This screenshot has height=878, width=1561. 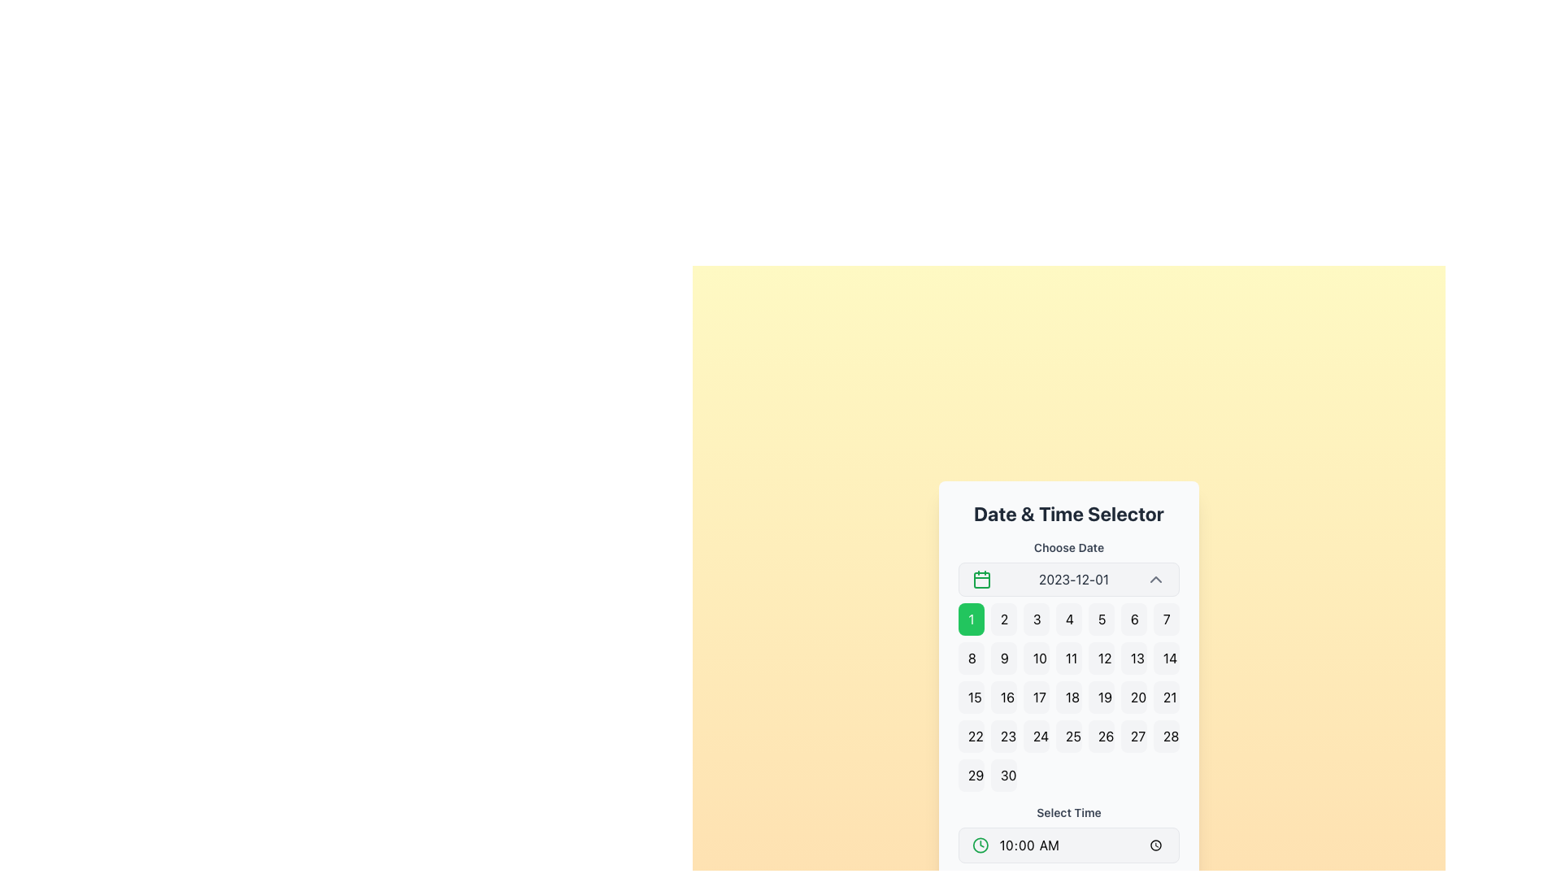 What do you see at coordinates (1069, 658) in the screenshot?
I see `the button displaying the number '11' in bold black text with rounded corners and a light gray background` at bounding box center [1069, 658].